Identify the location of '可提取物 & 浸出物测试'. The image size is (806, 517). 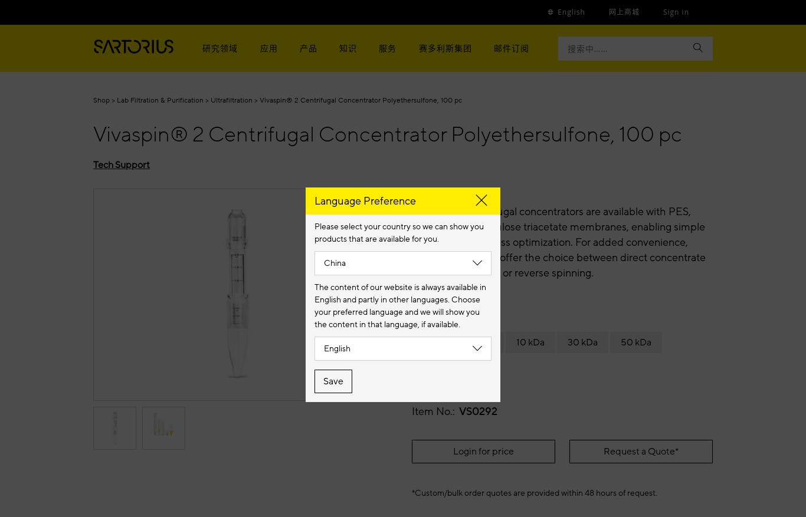
(345, 108).